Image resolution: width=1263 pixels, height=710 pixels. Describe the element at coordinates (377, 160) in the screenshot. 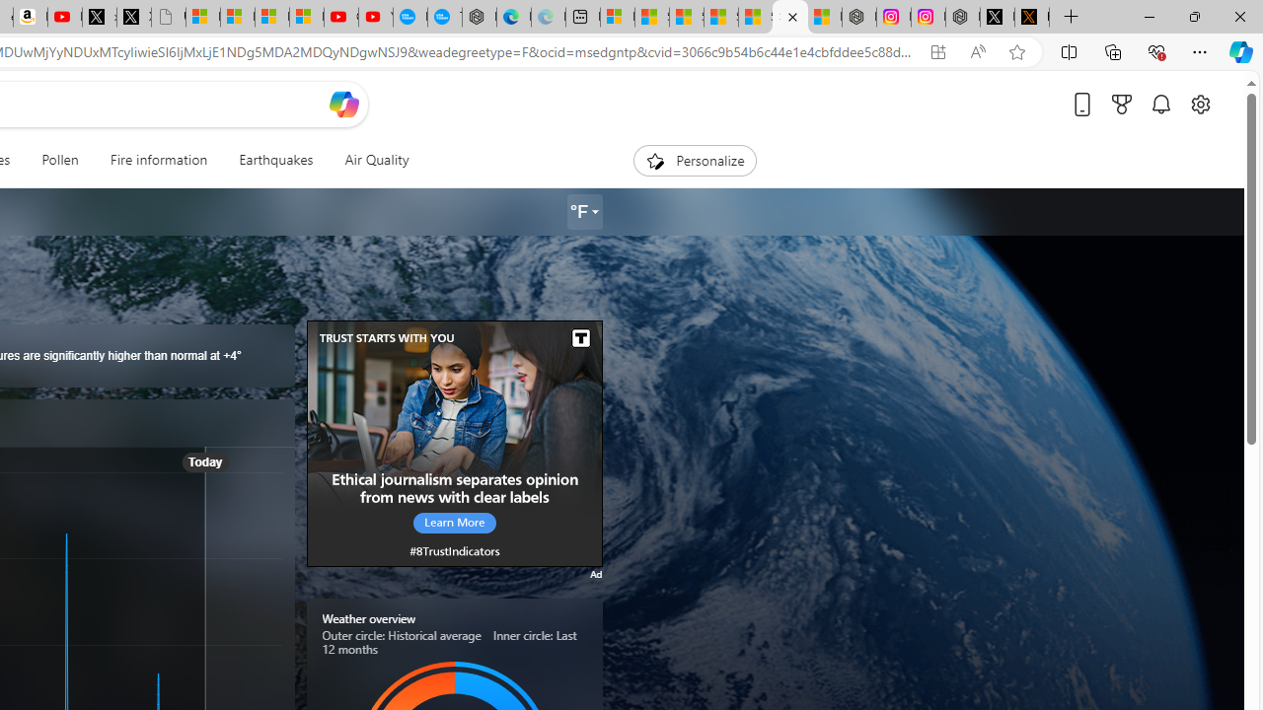

I see `'Air Quality'` at that location.